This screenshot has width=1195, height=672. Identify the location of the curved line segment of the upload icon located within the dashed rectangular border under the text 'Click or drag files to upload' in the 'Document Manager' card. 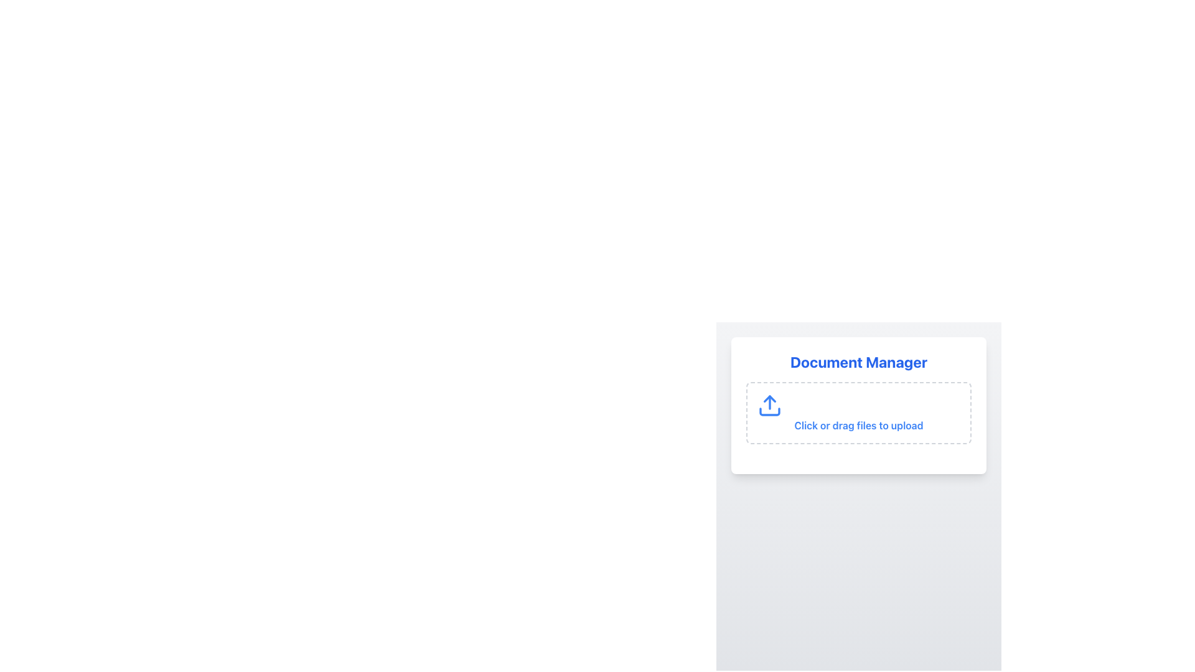
(769, 412).